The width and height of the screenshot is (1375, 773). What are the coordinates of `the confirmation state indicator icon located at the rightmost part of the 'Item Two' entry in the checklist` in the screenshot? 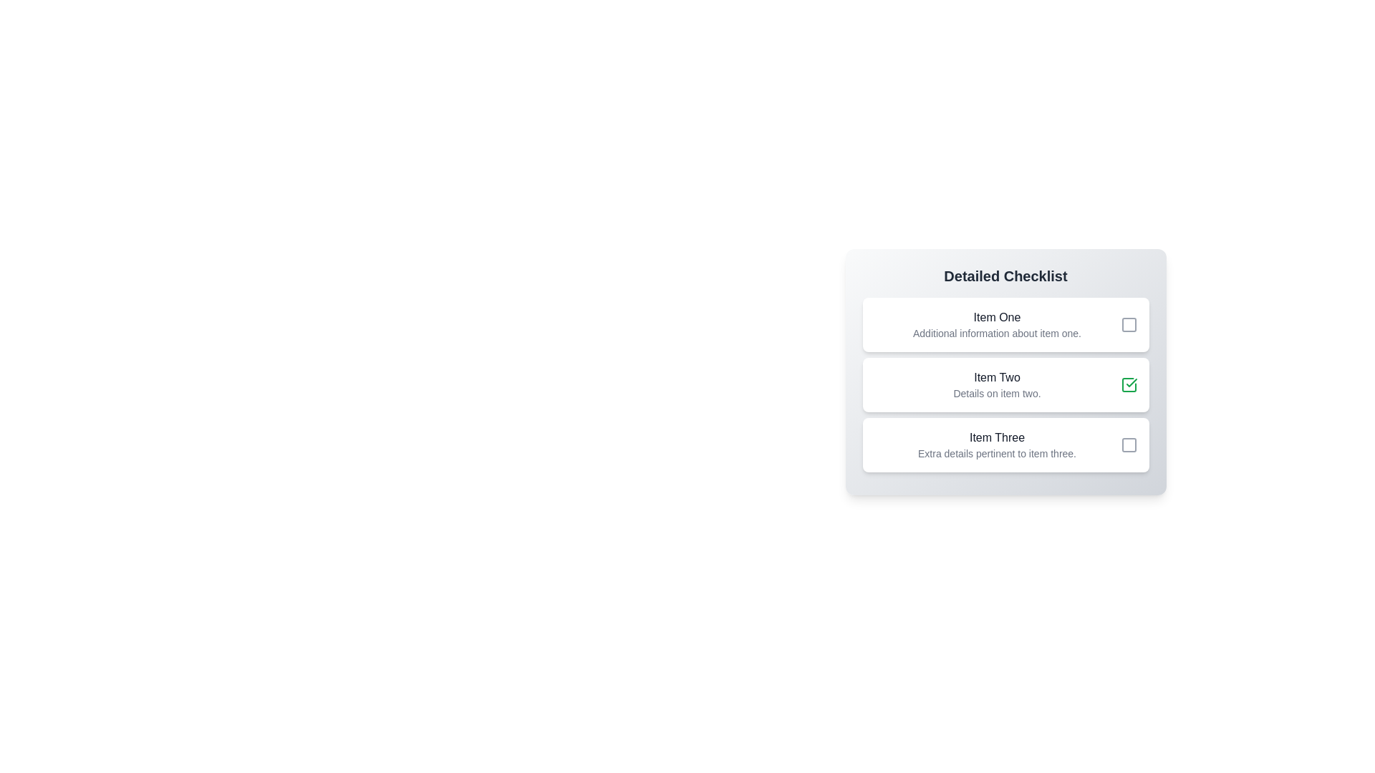 It's located at (1128, 384).